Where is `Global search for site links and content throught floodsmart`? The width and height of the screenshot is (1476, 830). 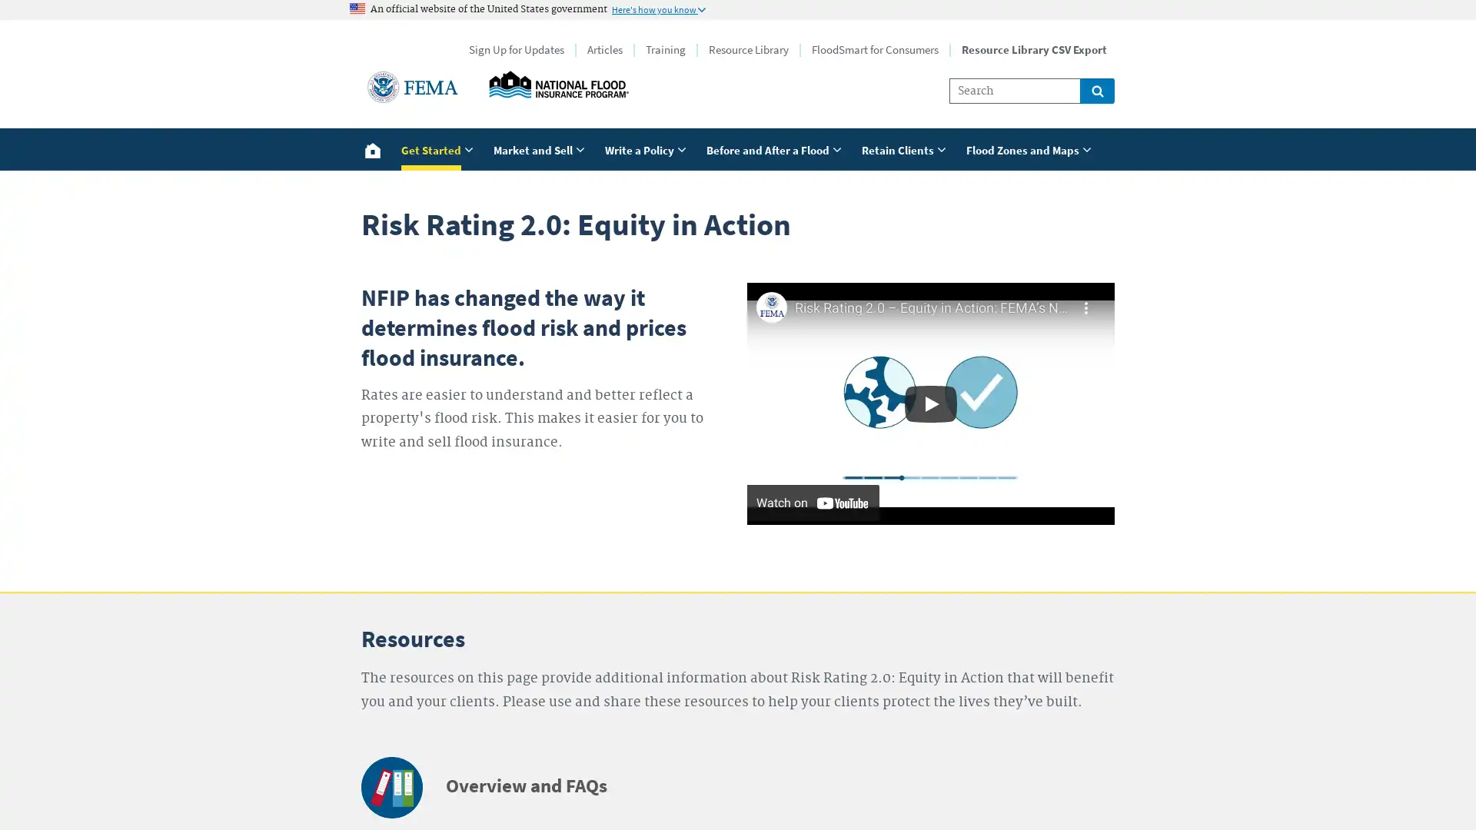 Global search for site links and content throught floodsmart is located at coordinates (1096, 91).